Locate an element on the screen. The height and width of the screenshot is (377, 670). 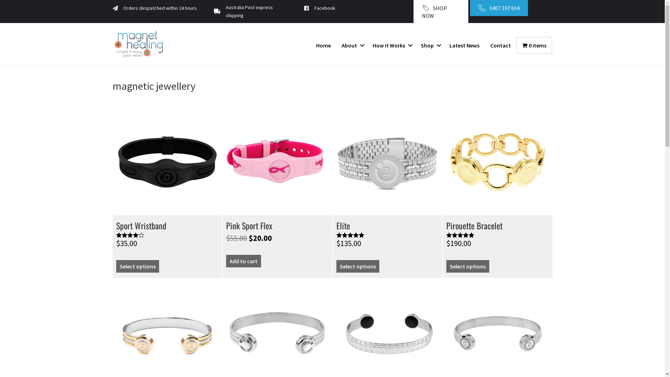
'WURiuVwU-elite-mens-bracelet-steel-F-2020-2-800x800' is located at coordinates (387, 161).